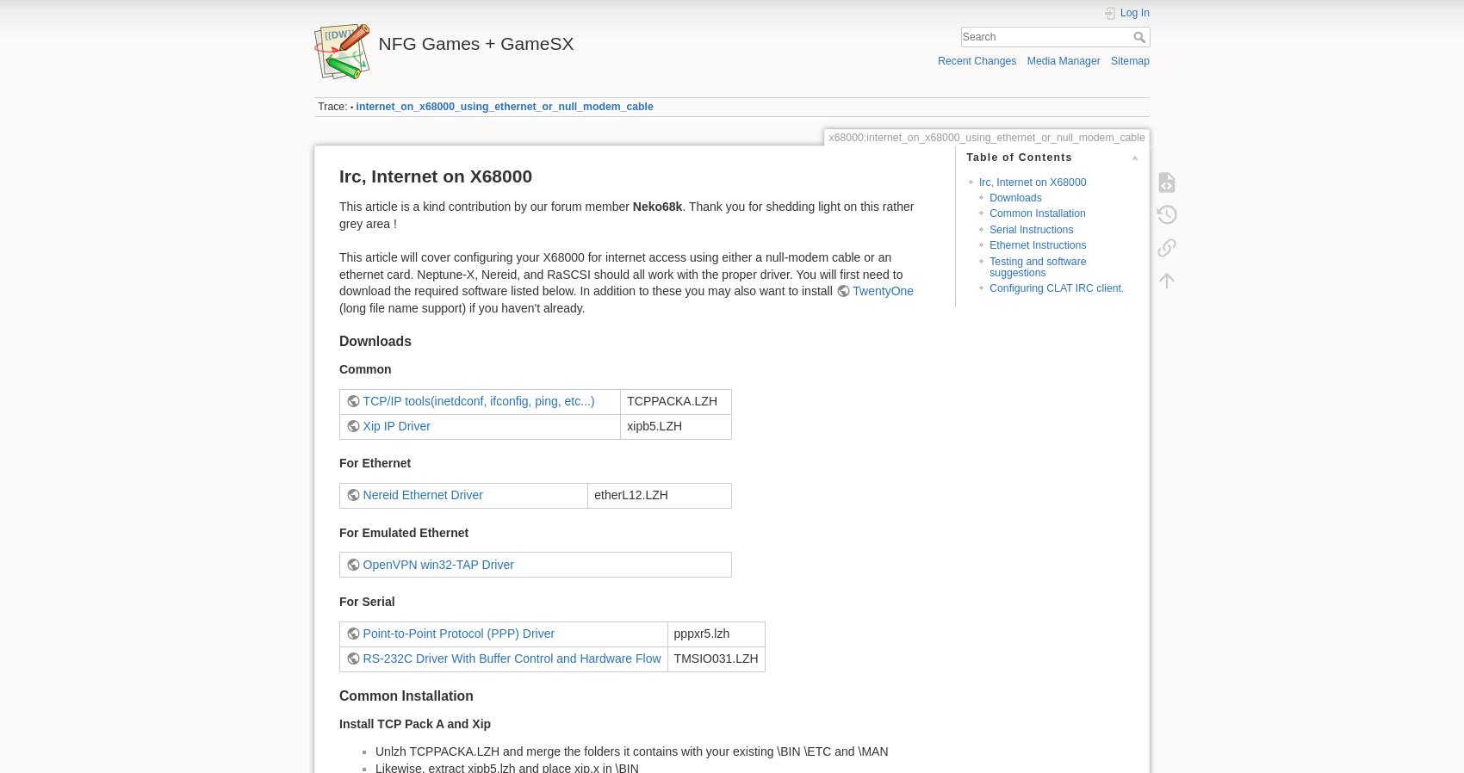  I want to click on 'Serial Instructions', so click(1030, 228).